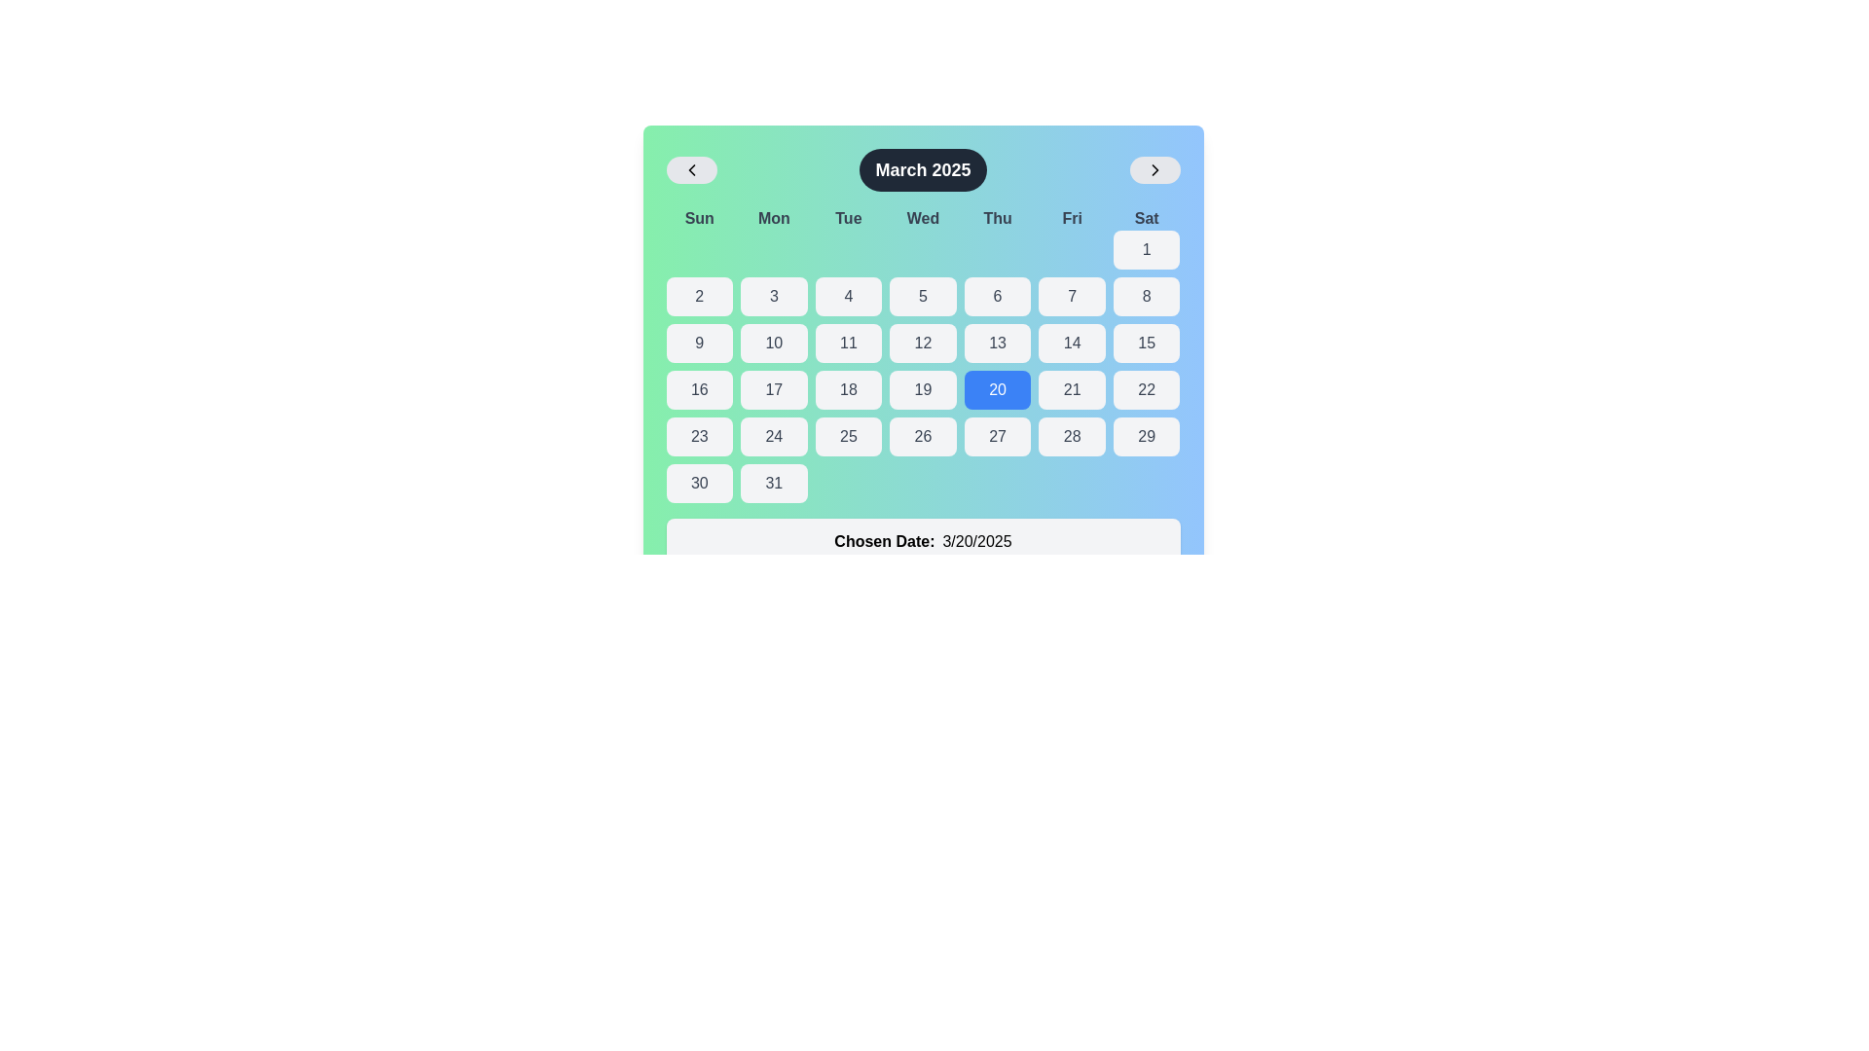  Describe the element at coordinates (773, 483) in the screenshot. I see `the rectangular button with a white background and grey text reading '31', located in the last row of a 7x6 grid layout, positioned at the bottom-right corner of the grid` at that location.